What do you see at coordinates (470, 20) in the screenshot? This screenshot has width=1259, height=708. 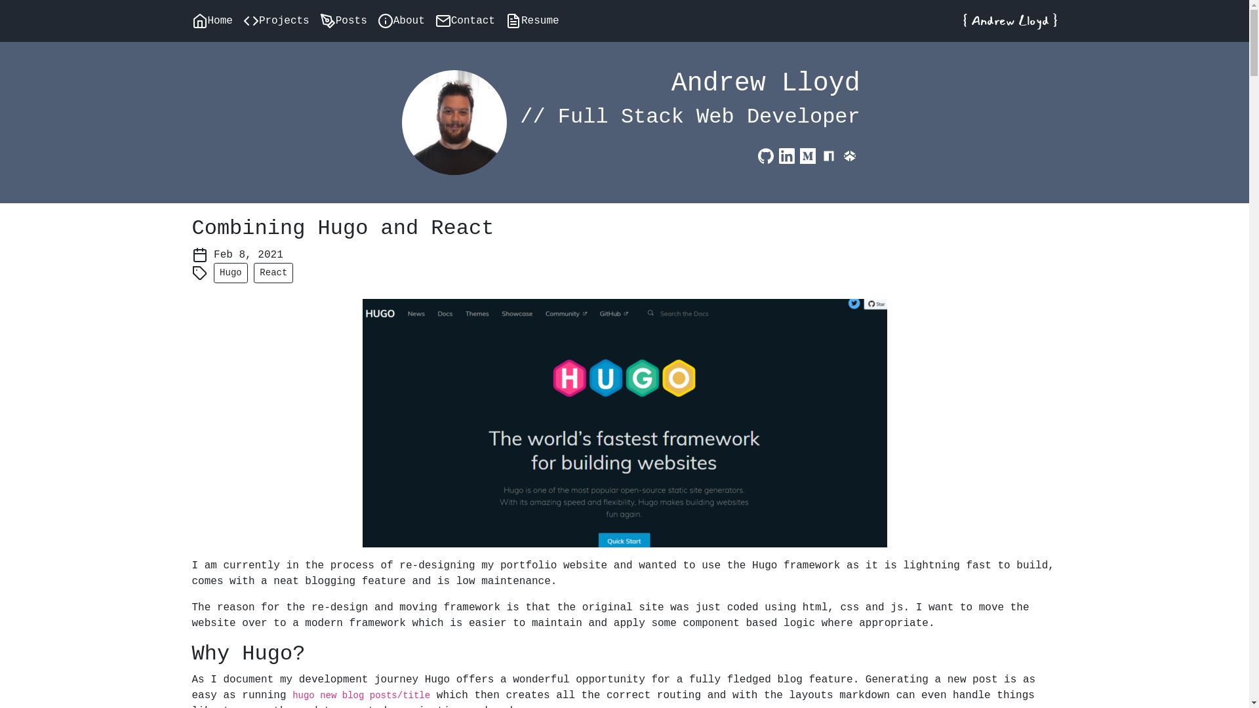 I see `'Contact'` at bounding box center [470, 20].